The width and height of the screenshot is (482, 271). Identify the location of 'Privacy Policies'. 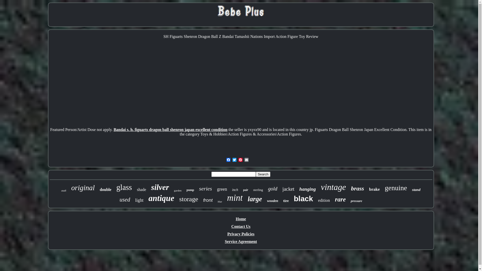
(227, 234).